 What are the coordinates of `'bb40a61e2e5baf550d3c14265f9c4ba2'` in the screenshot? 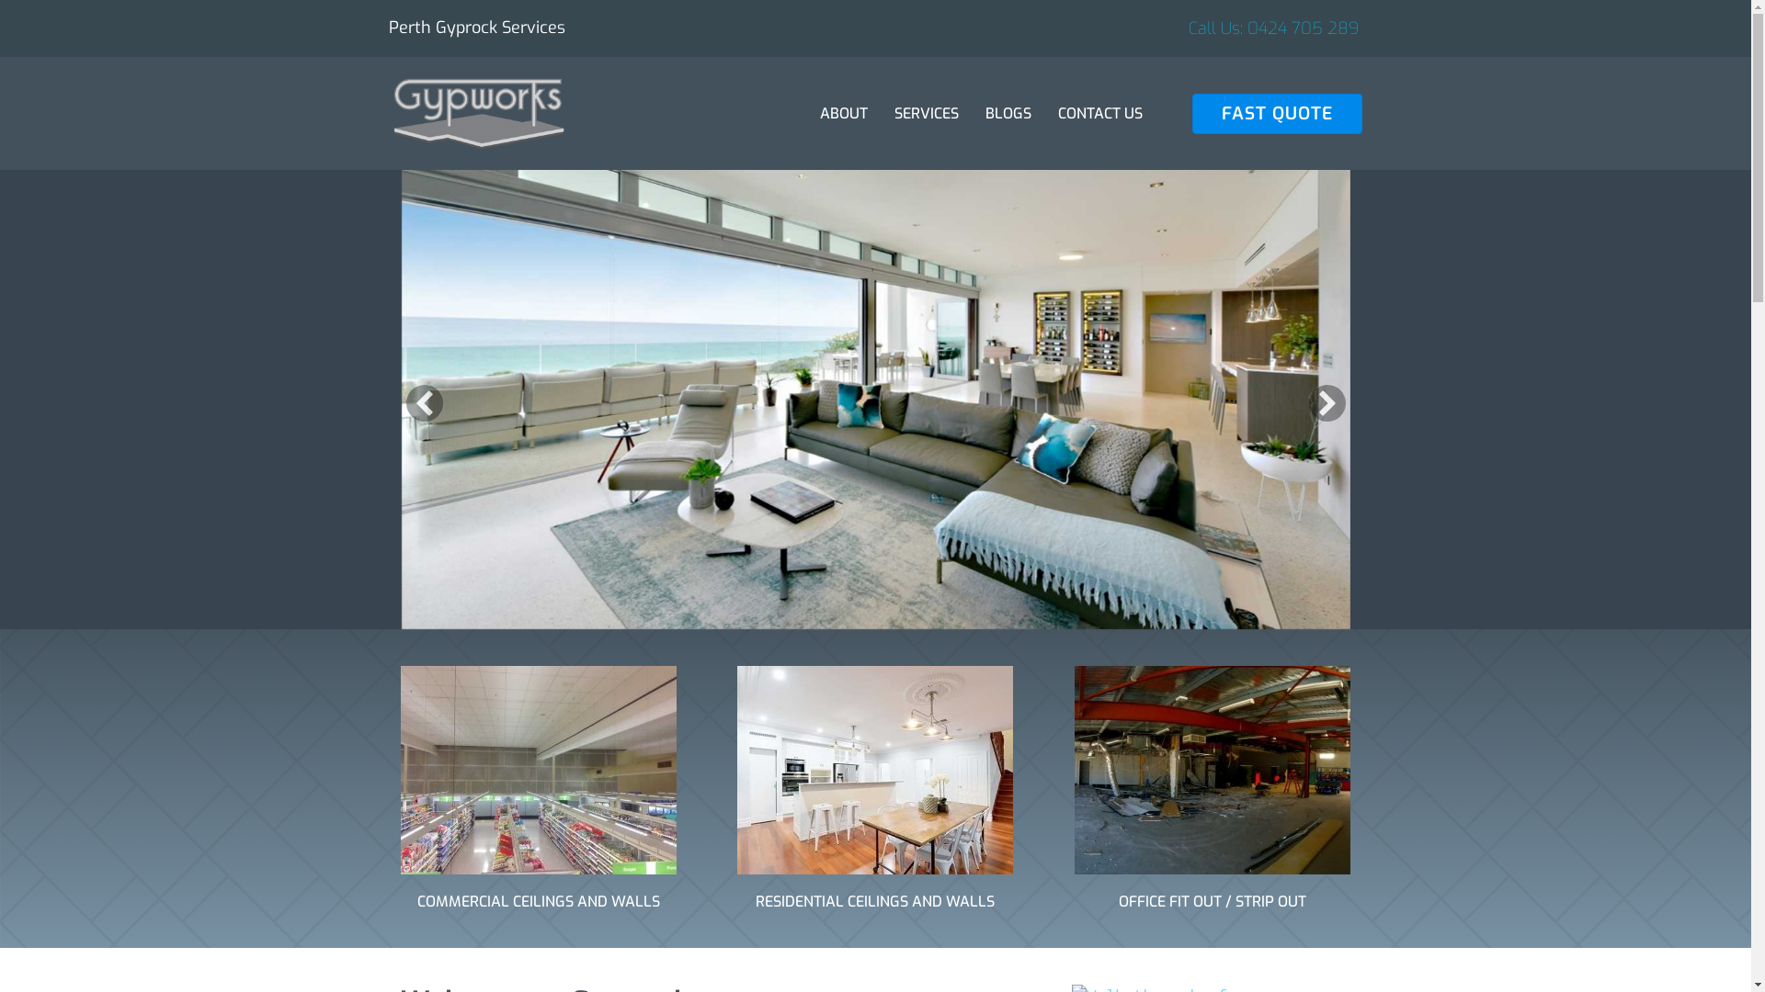 It's located at (873, 770).